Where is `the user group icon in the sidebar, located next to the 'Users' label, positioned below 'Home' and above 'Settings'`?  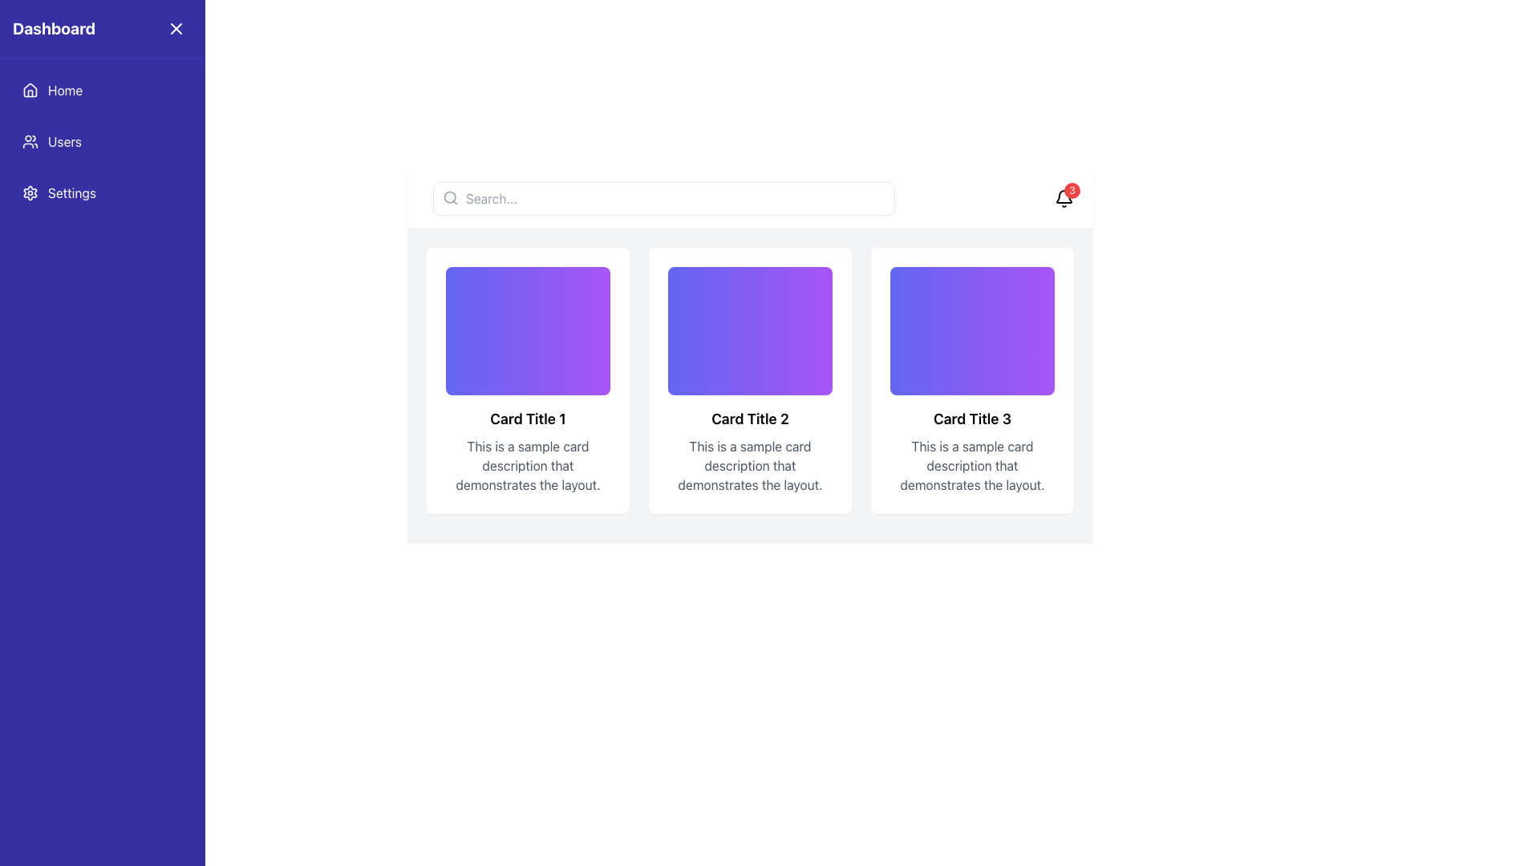 the user group icon in the sidebar, located next to the 'Users' label, positioned below 'Home' and above 'Settings' is located at coordinates (30, 141).